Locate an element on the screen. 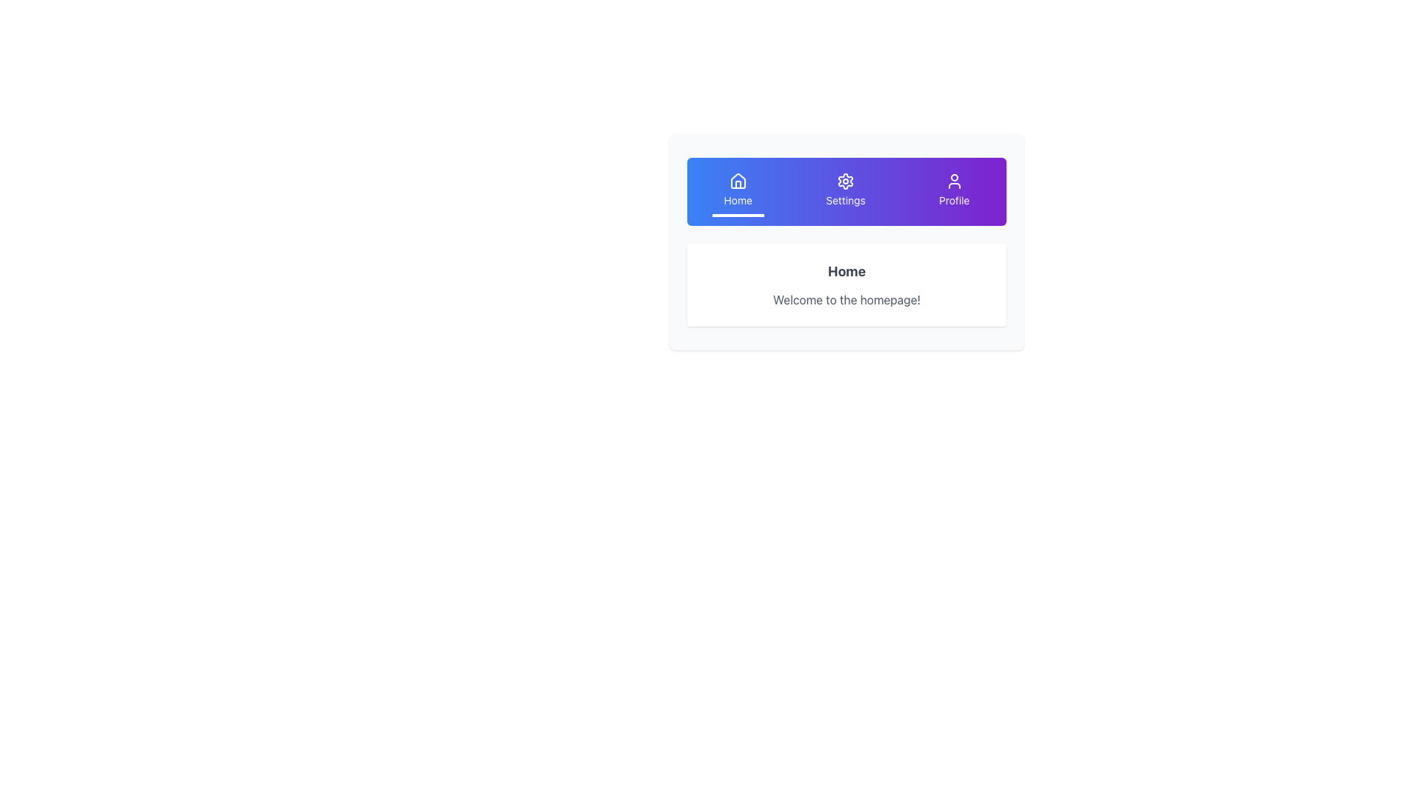 The height and width of the screenshot is (800, 1422). the text element reading 'Welcome to the homepage!' which is styled in gray (#606060) and positioned below the heading 'Home.' is located at coordinates (847, 300).